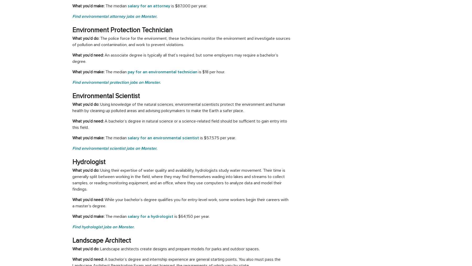  Describe the element at coordinates (149, 5) in the screenshot. I see `'salary for an attorney'` at that location.